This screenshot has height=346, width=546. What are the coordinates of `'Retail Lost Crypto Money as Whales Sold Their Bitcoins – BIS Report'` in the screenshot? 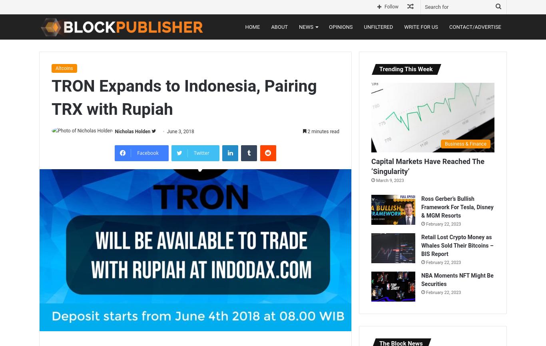 It's located at (421, 245).